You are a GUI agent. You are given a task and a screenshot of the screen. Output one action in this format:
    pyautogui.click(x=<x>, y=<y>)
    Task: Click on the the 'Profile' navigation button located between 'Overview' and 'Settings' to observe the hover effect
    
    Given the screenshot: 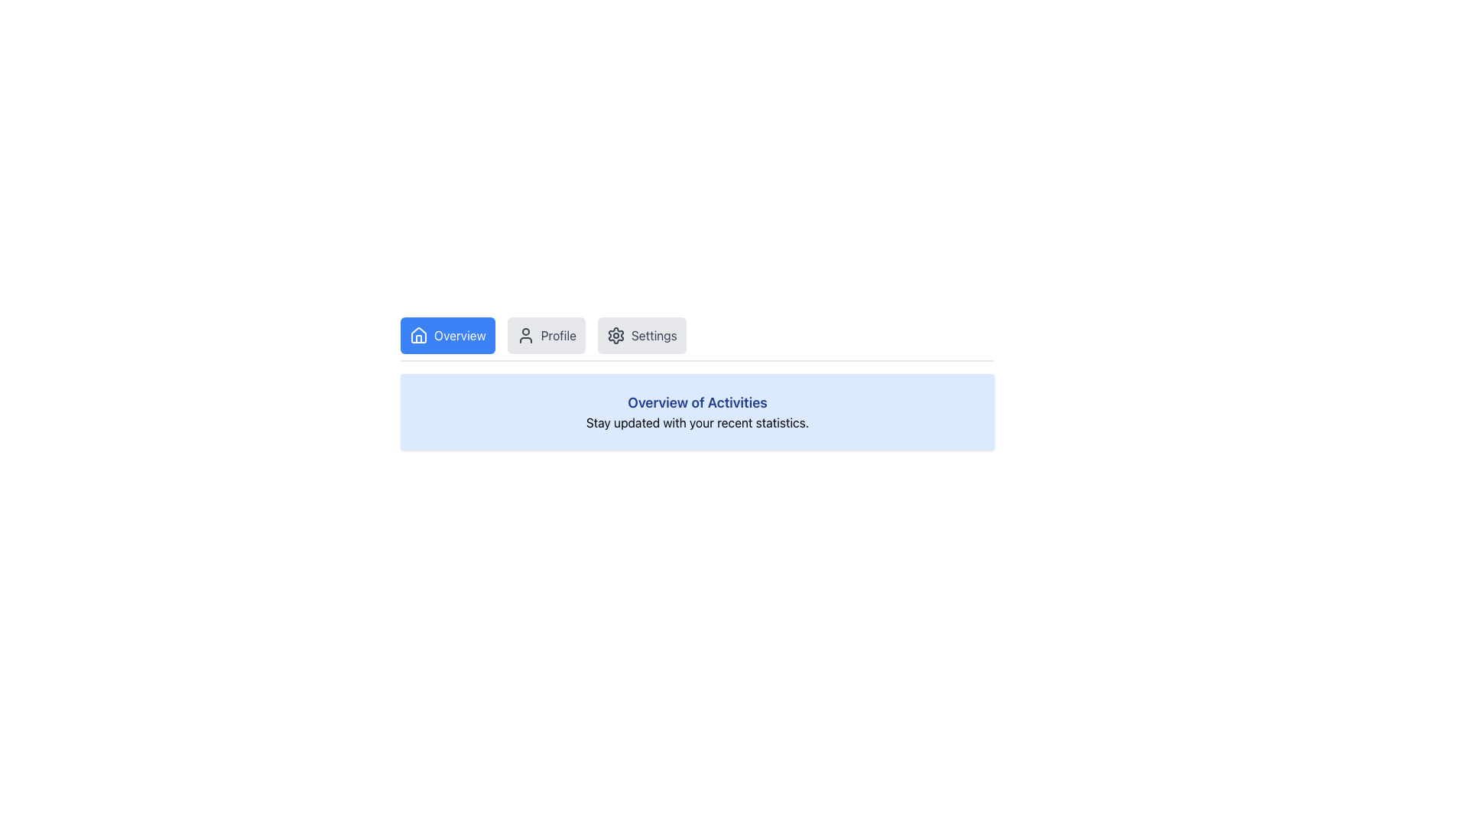 What is the action you would take?
    pyautogui.click(x=546, y=335)
    